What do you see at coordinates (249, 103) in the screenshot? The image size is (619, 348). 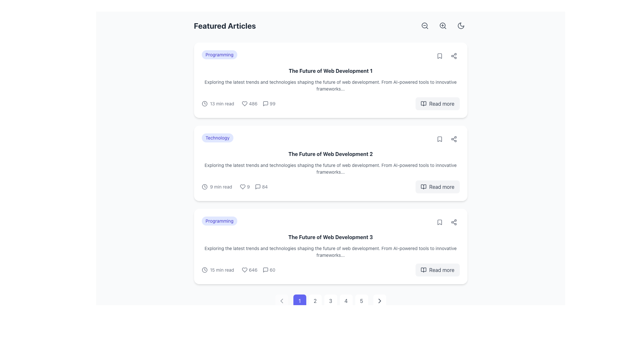 I see `the non-interactive text element displaying the count '486' with a heart icon, located on the top card in the list of articles` at bounding box center [249, 103].